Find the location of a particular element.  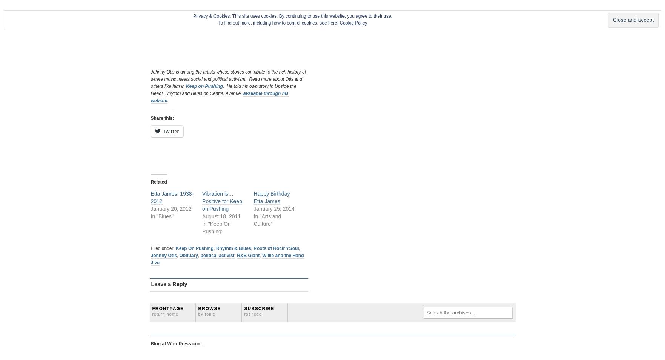

'available through his website' is located at coordinates (150, 97).